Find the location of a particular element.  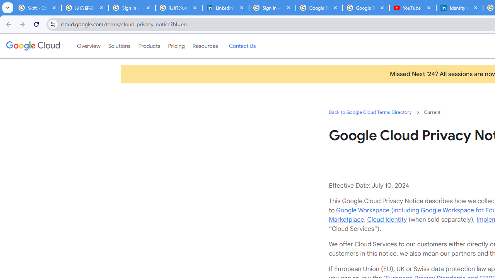

'Sign in - Google Accounts' is located at coordinates (272, 8).